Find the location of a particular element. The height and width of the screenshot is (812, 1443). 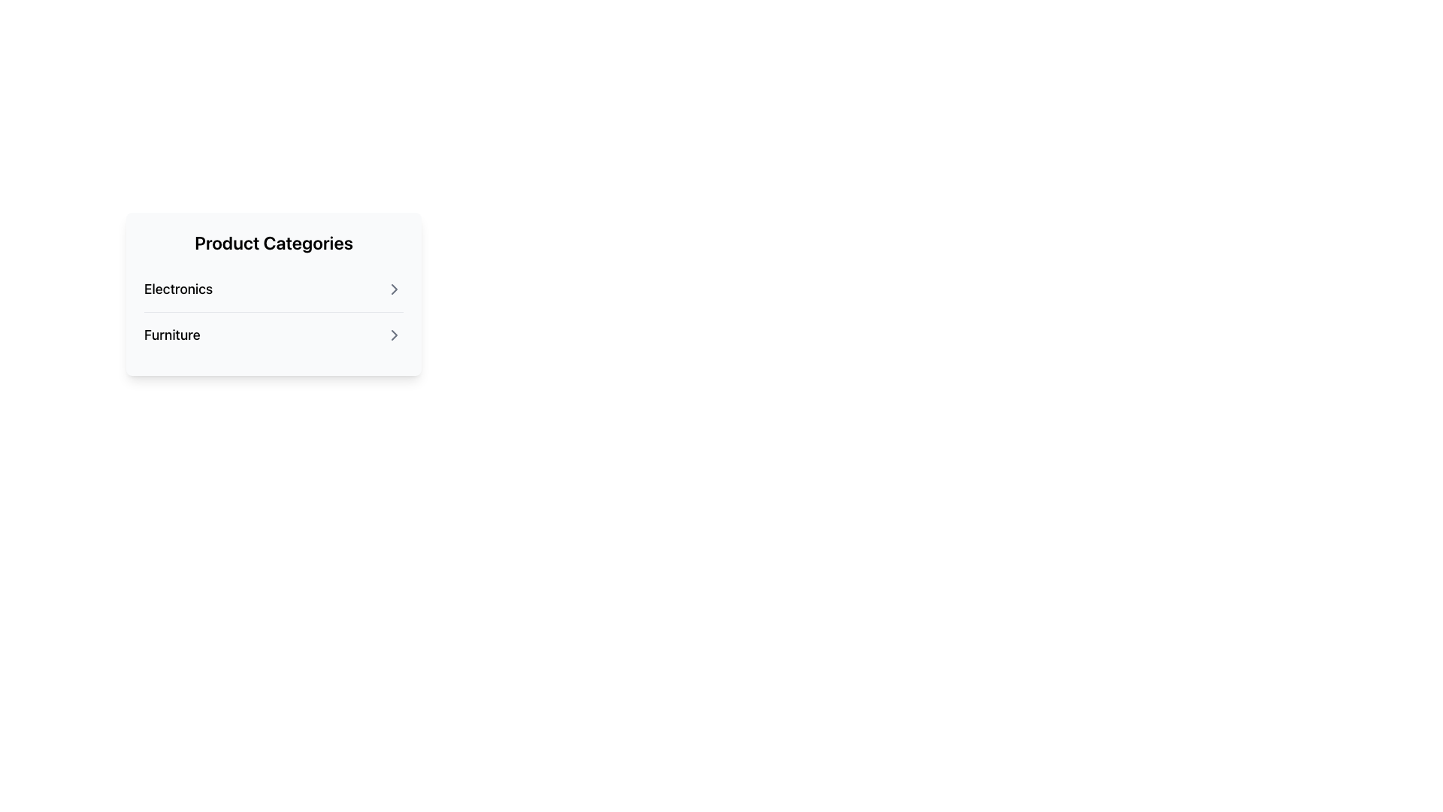

the 'Electronics' text label, which is the first item in the 'Product Categories' list, displayed in bold and larger font size, black in color is located at coordinates (178, 289).